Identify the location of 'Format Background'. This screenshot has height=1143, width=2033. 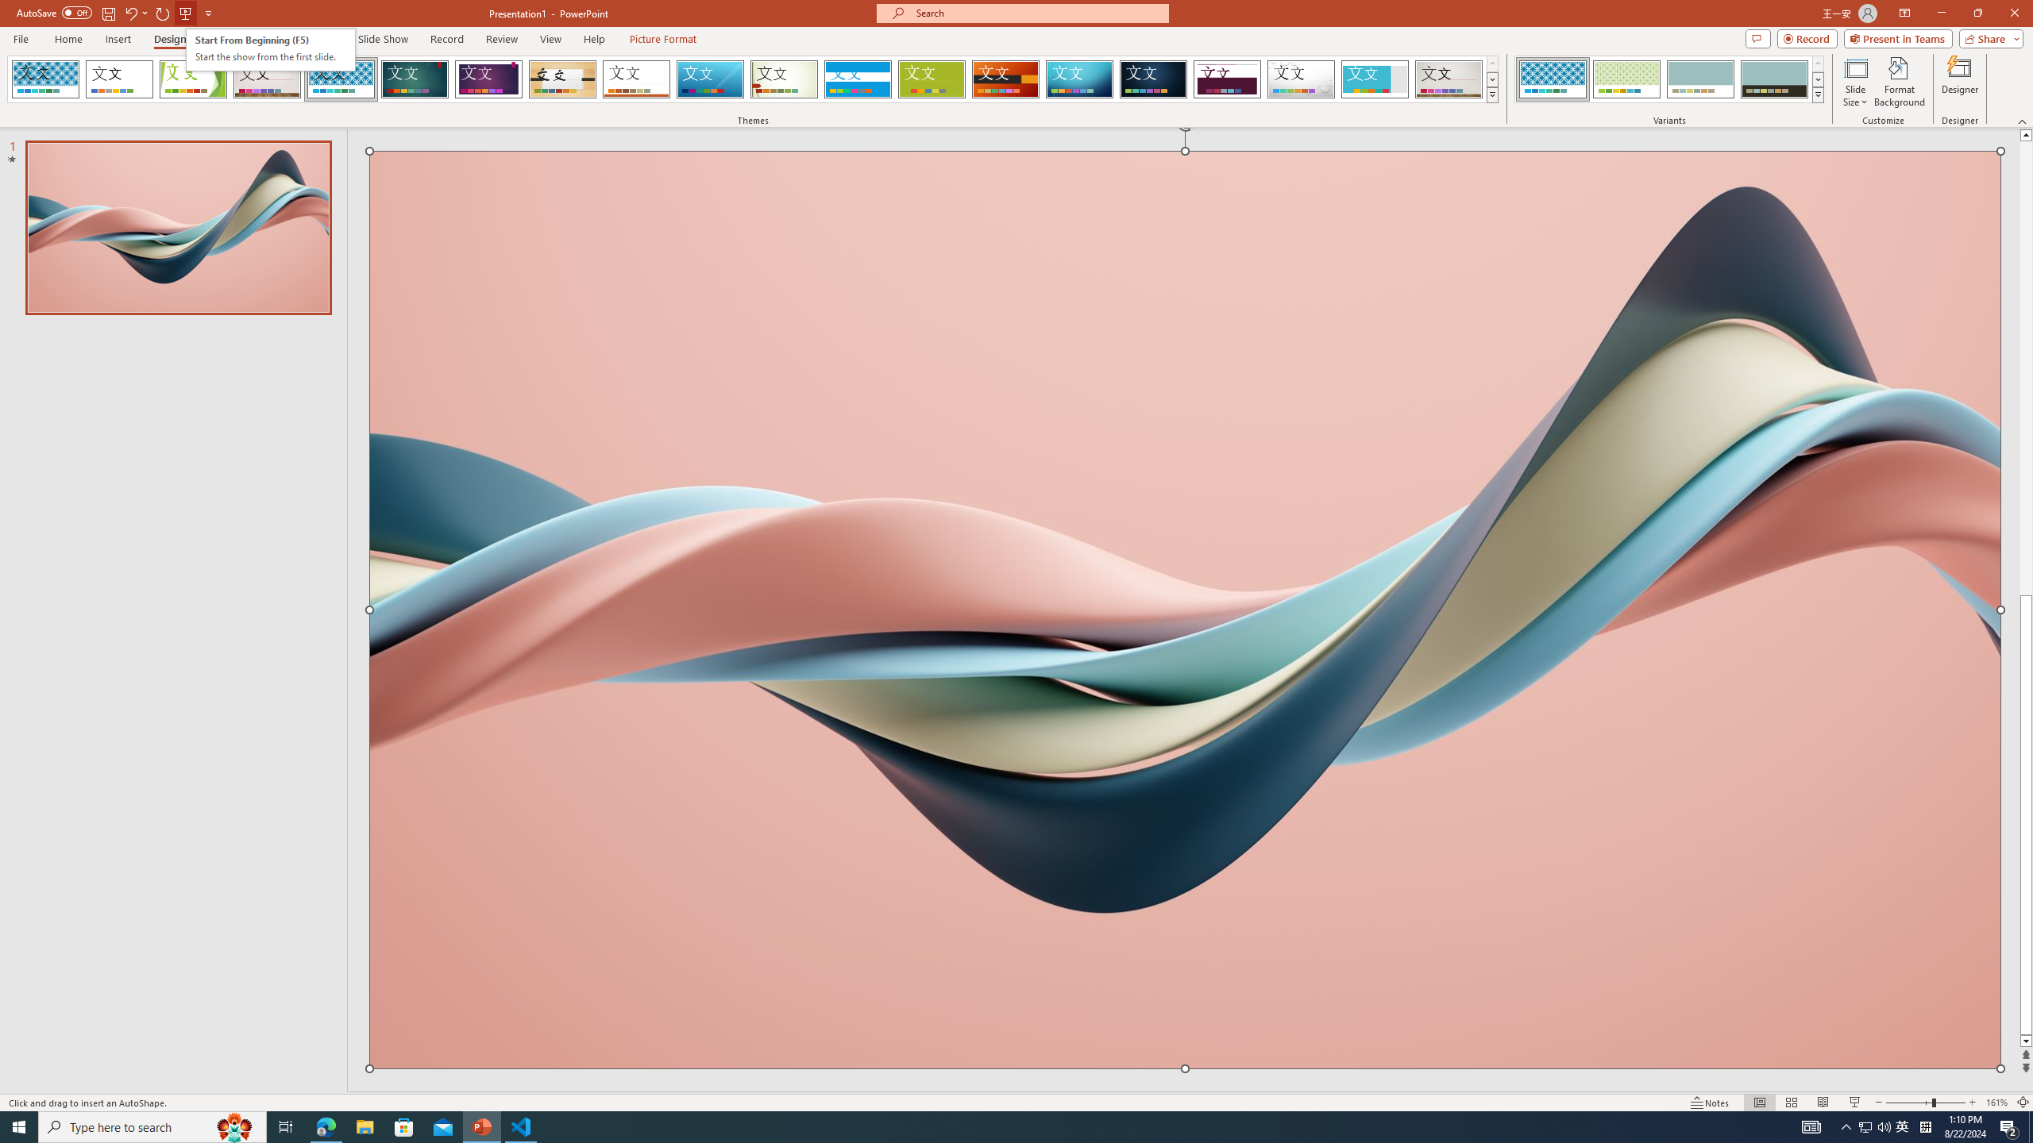
(1900, 82).